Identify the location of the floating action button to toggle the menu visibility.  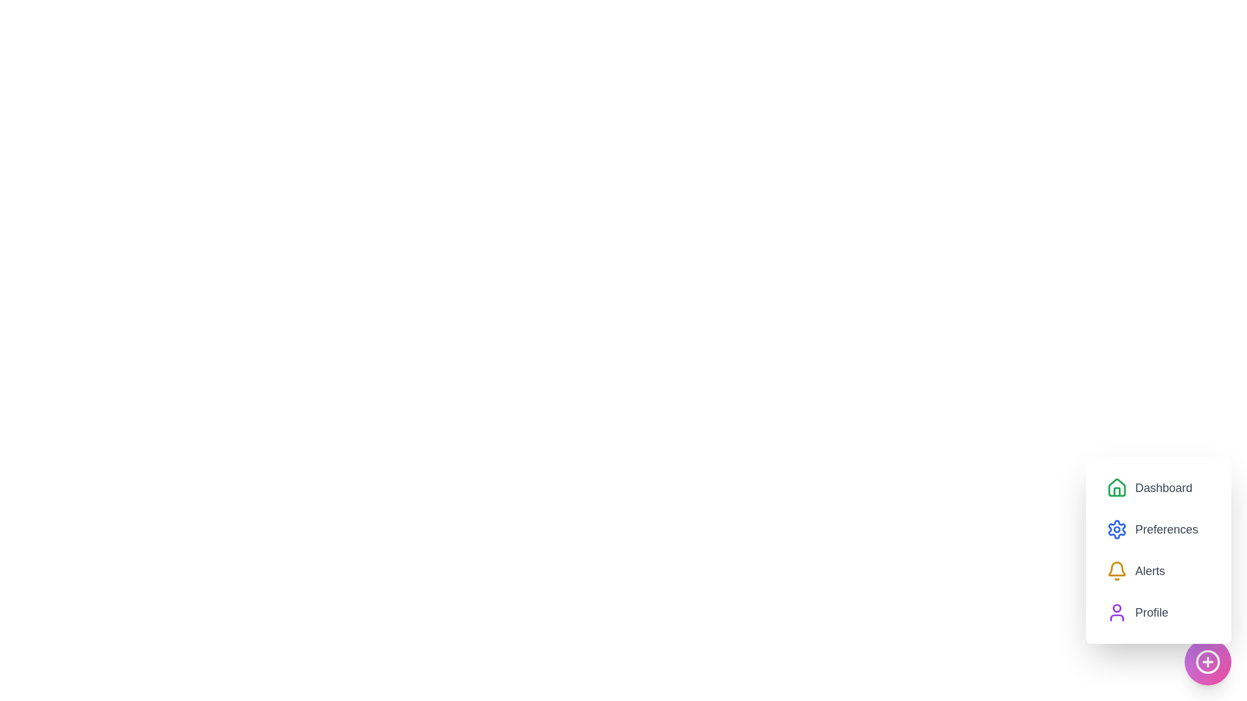
(1207, 661).